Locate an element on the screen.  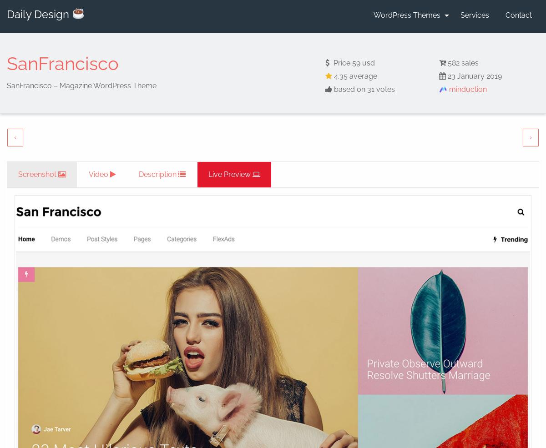
'4.35 average' is located at coordinates (354, 76).